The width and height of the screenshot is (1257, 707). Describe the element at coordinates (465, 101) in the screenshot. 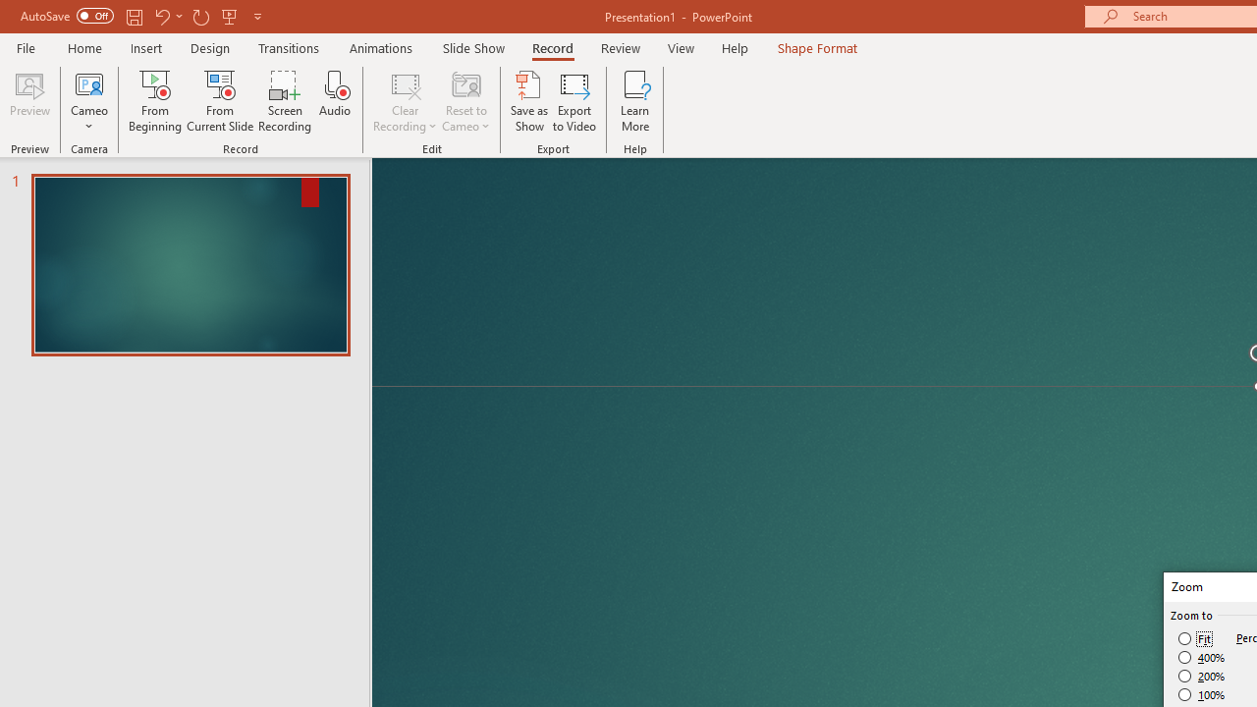

I see `'Reset to Cameo'` at that location.